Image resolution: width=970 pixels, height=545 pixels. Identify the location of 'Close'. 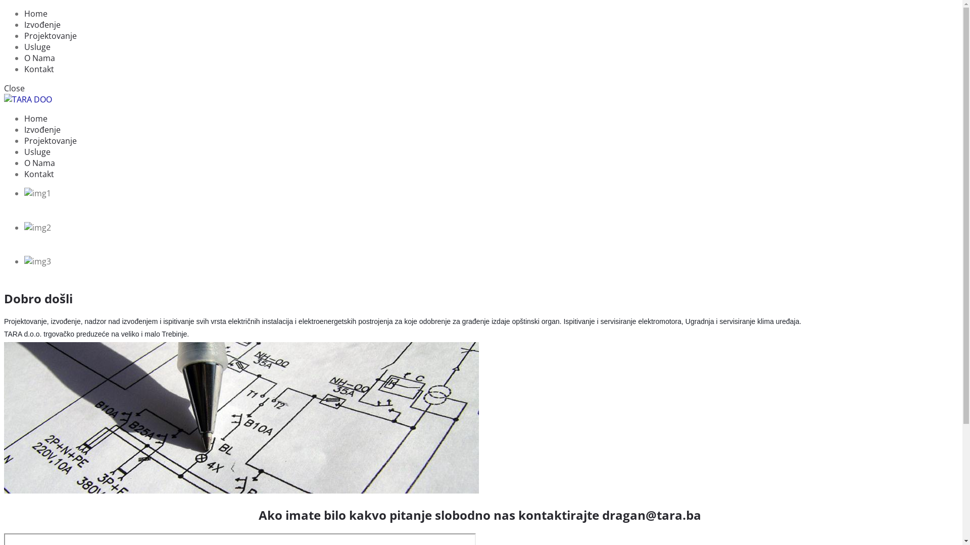
(14, 87).